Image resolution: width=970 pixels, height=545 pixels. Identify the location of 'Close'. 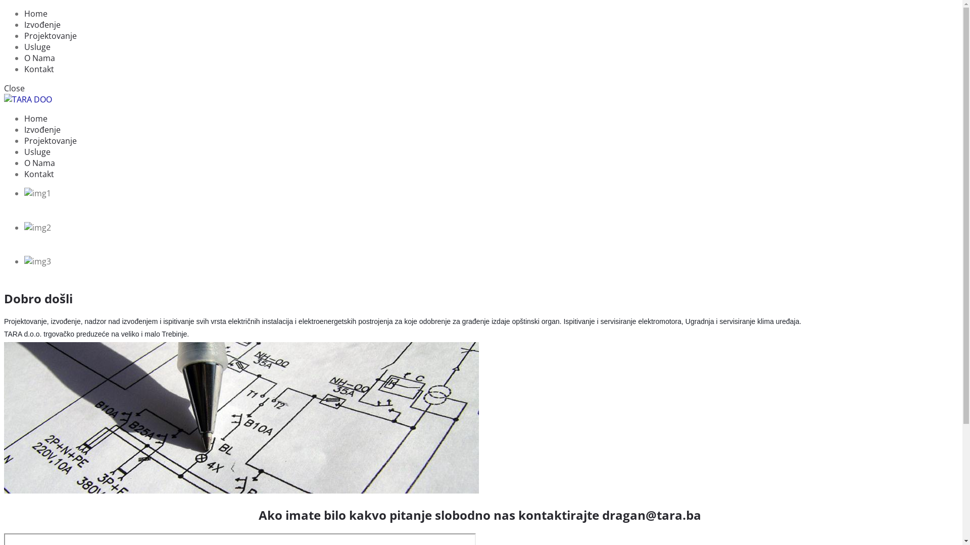
(14, 87).